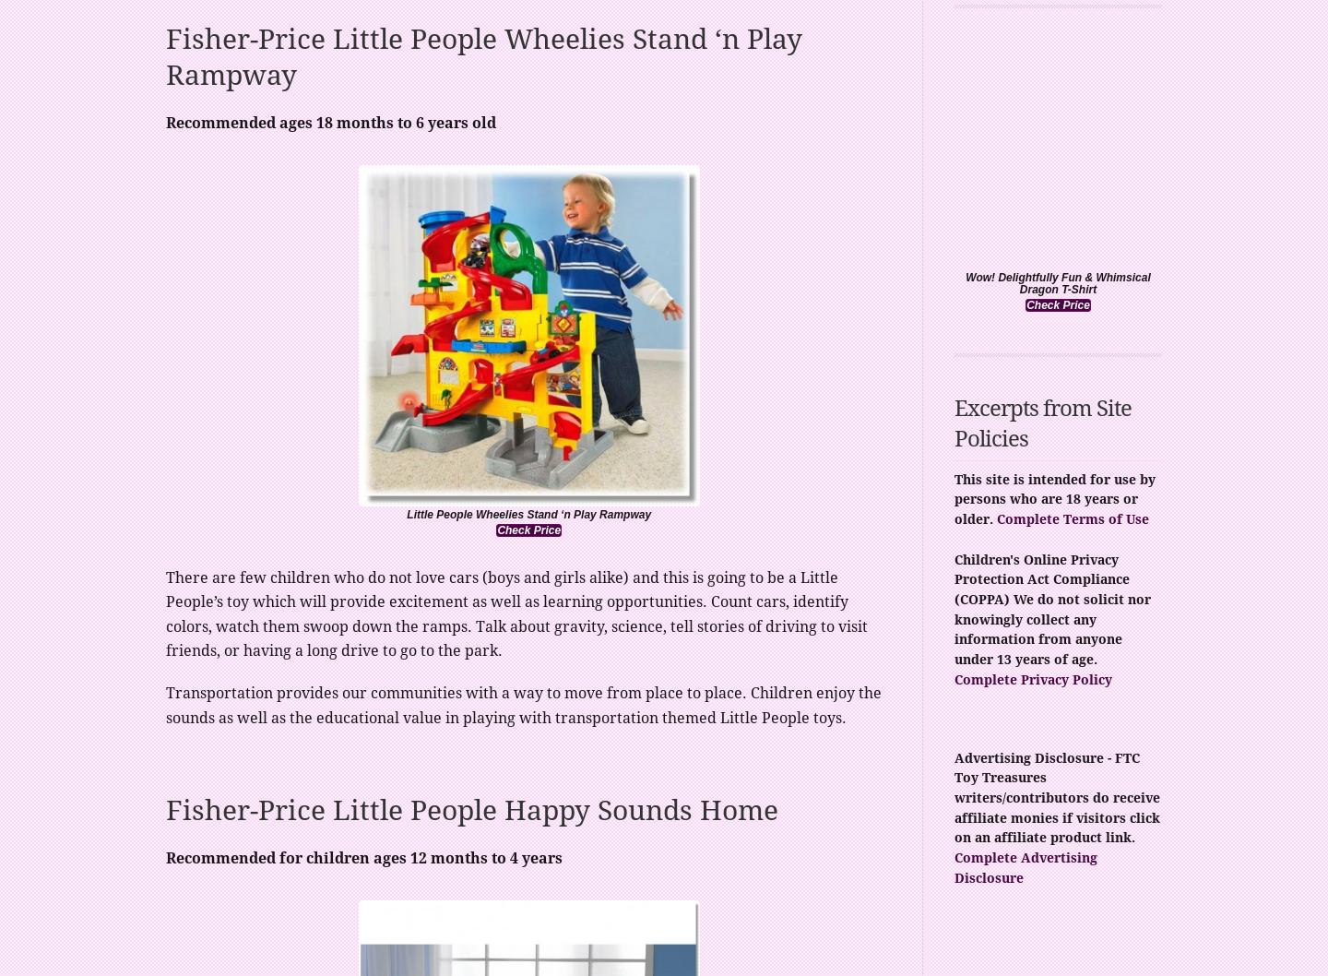 This screenshot has height=976, width=1328. I want to click on 'Complete Terms of Use', so click(1073, 518).